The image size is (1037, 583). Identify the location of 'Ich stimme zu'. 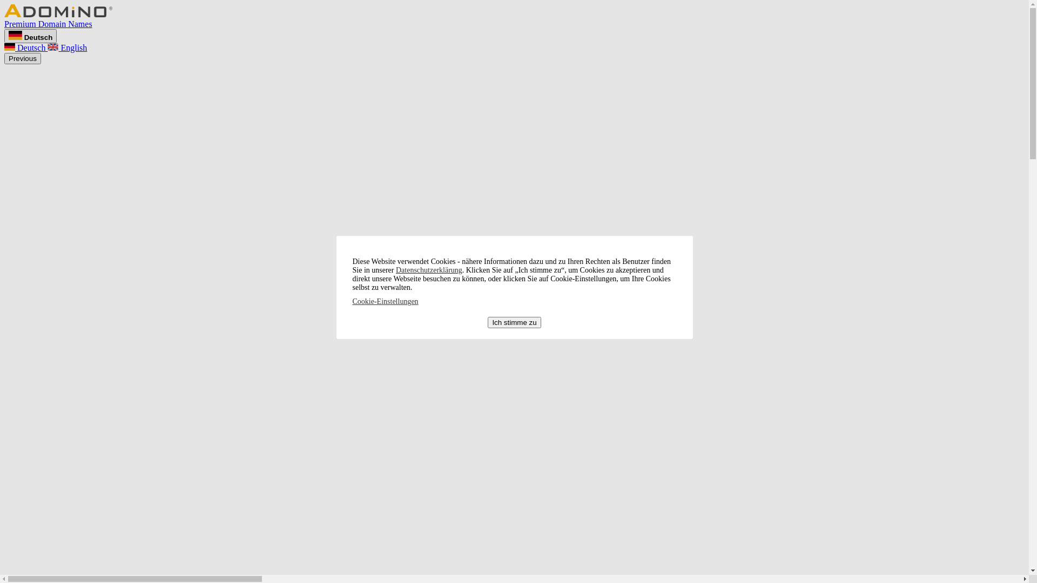
(513, 322).